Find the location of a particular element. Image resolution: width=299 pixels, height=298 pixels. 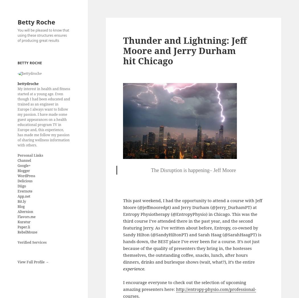

'Channel' is located at coordinates (24, 160).